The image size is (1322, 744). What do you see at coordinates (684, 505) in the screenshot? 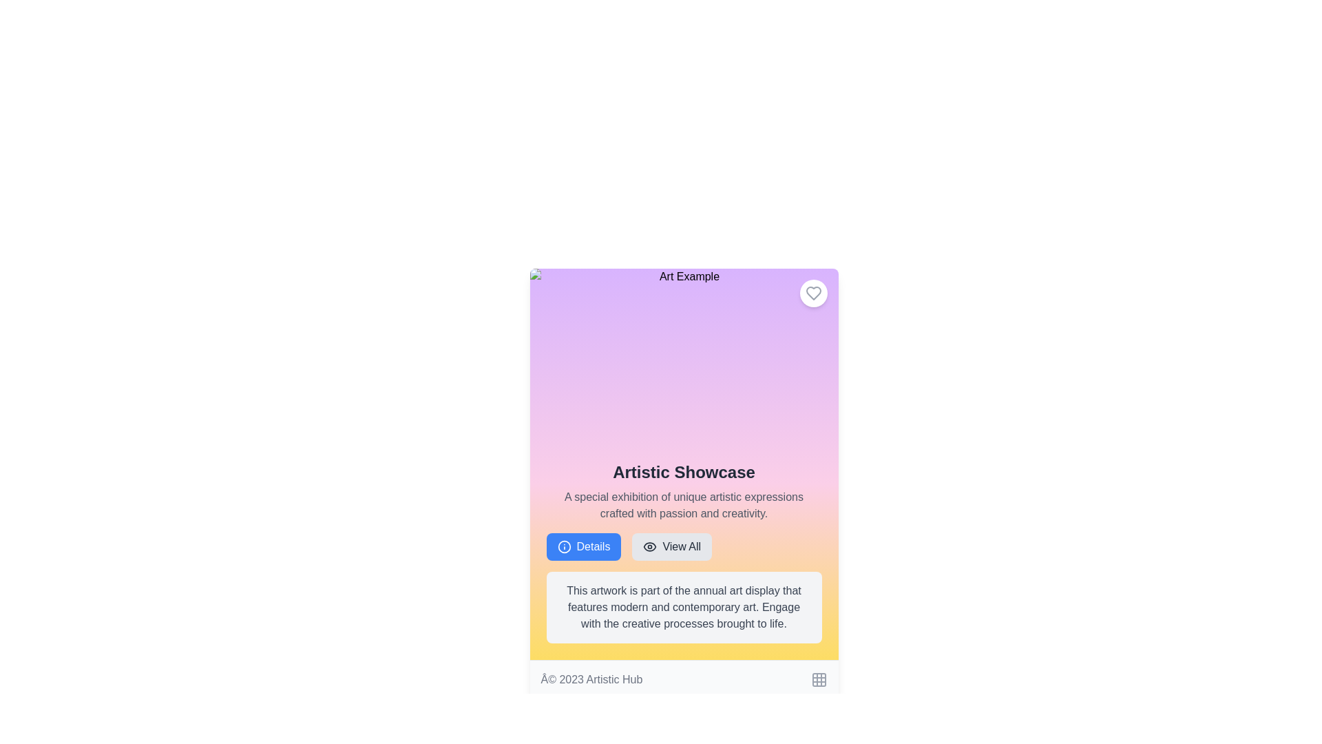
I see `text block containing the description 'A special exhibition of unique artistic expressions crafted with passion and creativity.' positioned below the title 'Artistic Showcase'` at bounding box center [684, 505].